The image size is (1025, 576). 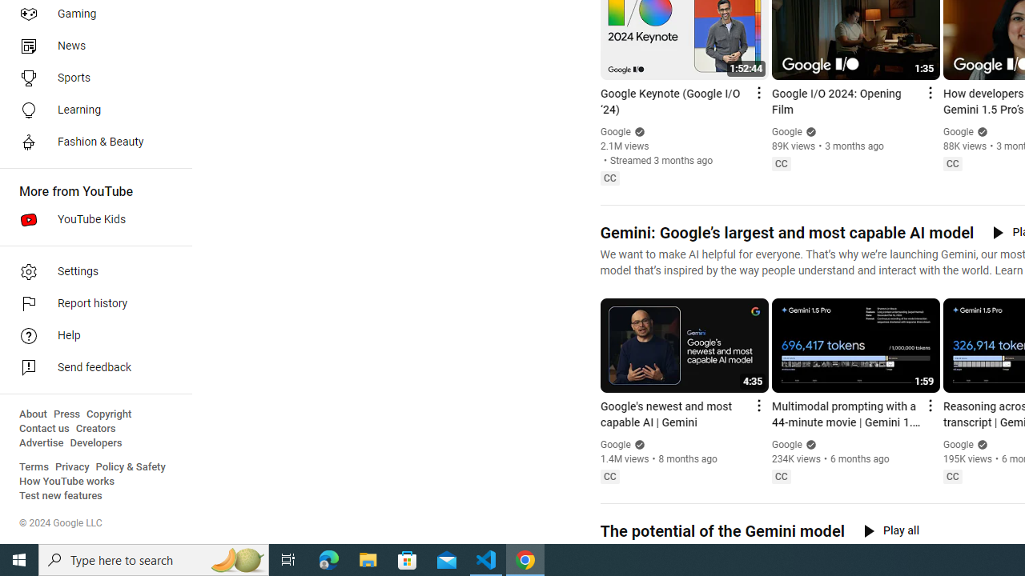 What do you see at coordinates (90, 109) in the screenshot?
I see `'Learning'` at bounding box center [90, 109].